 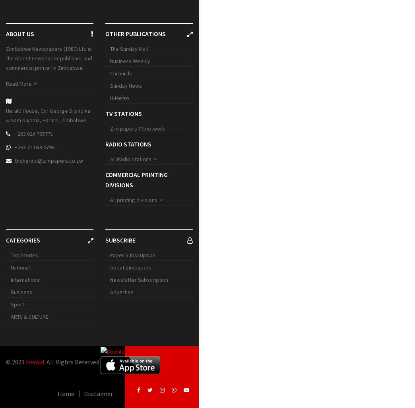 I want to click on 'Paper Subscription', so click(x=132, y=255).